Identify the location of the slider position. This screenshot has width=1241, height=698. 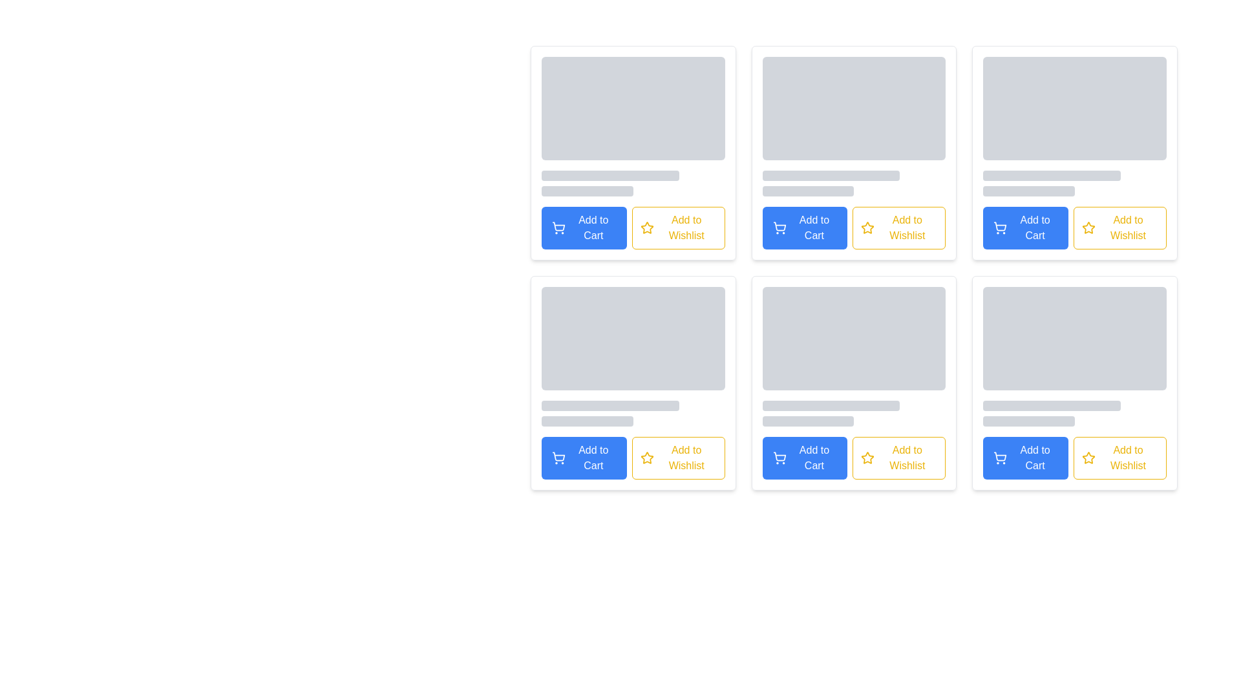
(781, 421).